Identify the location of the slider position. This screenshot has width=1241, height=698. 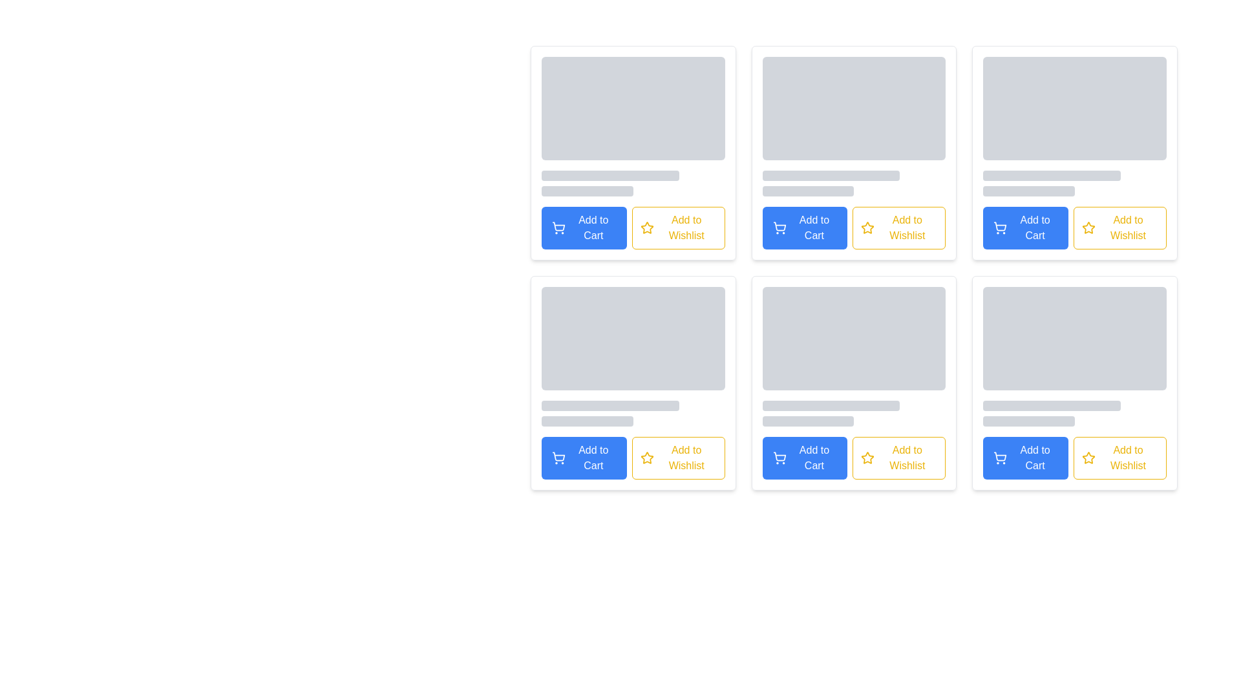
(781, 421).